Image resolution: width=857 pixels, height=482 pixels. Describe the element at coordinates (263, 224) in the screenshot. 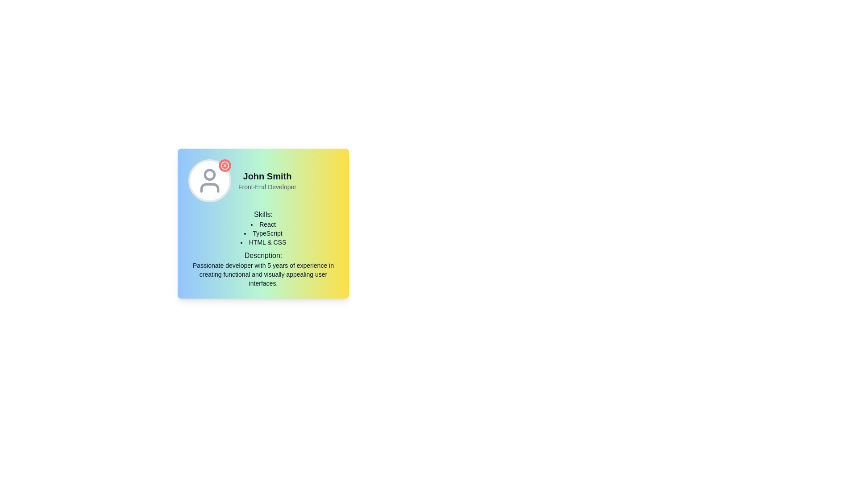

I see `text content of the first bullet list item 'React' under the 'Skills' heading, which is styled with a bullet point on its left and is located in the middle of the card` at that location.